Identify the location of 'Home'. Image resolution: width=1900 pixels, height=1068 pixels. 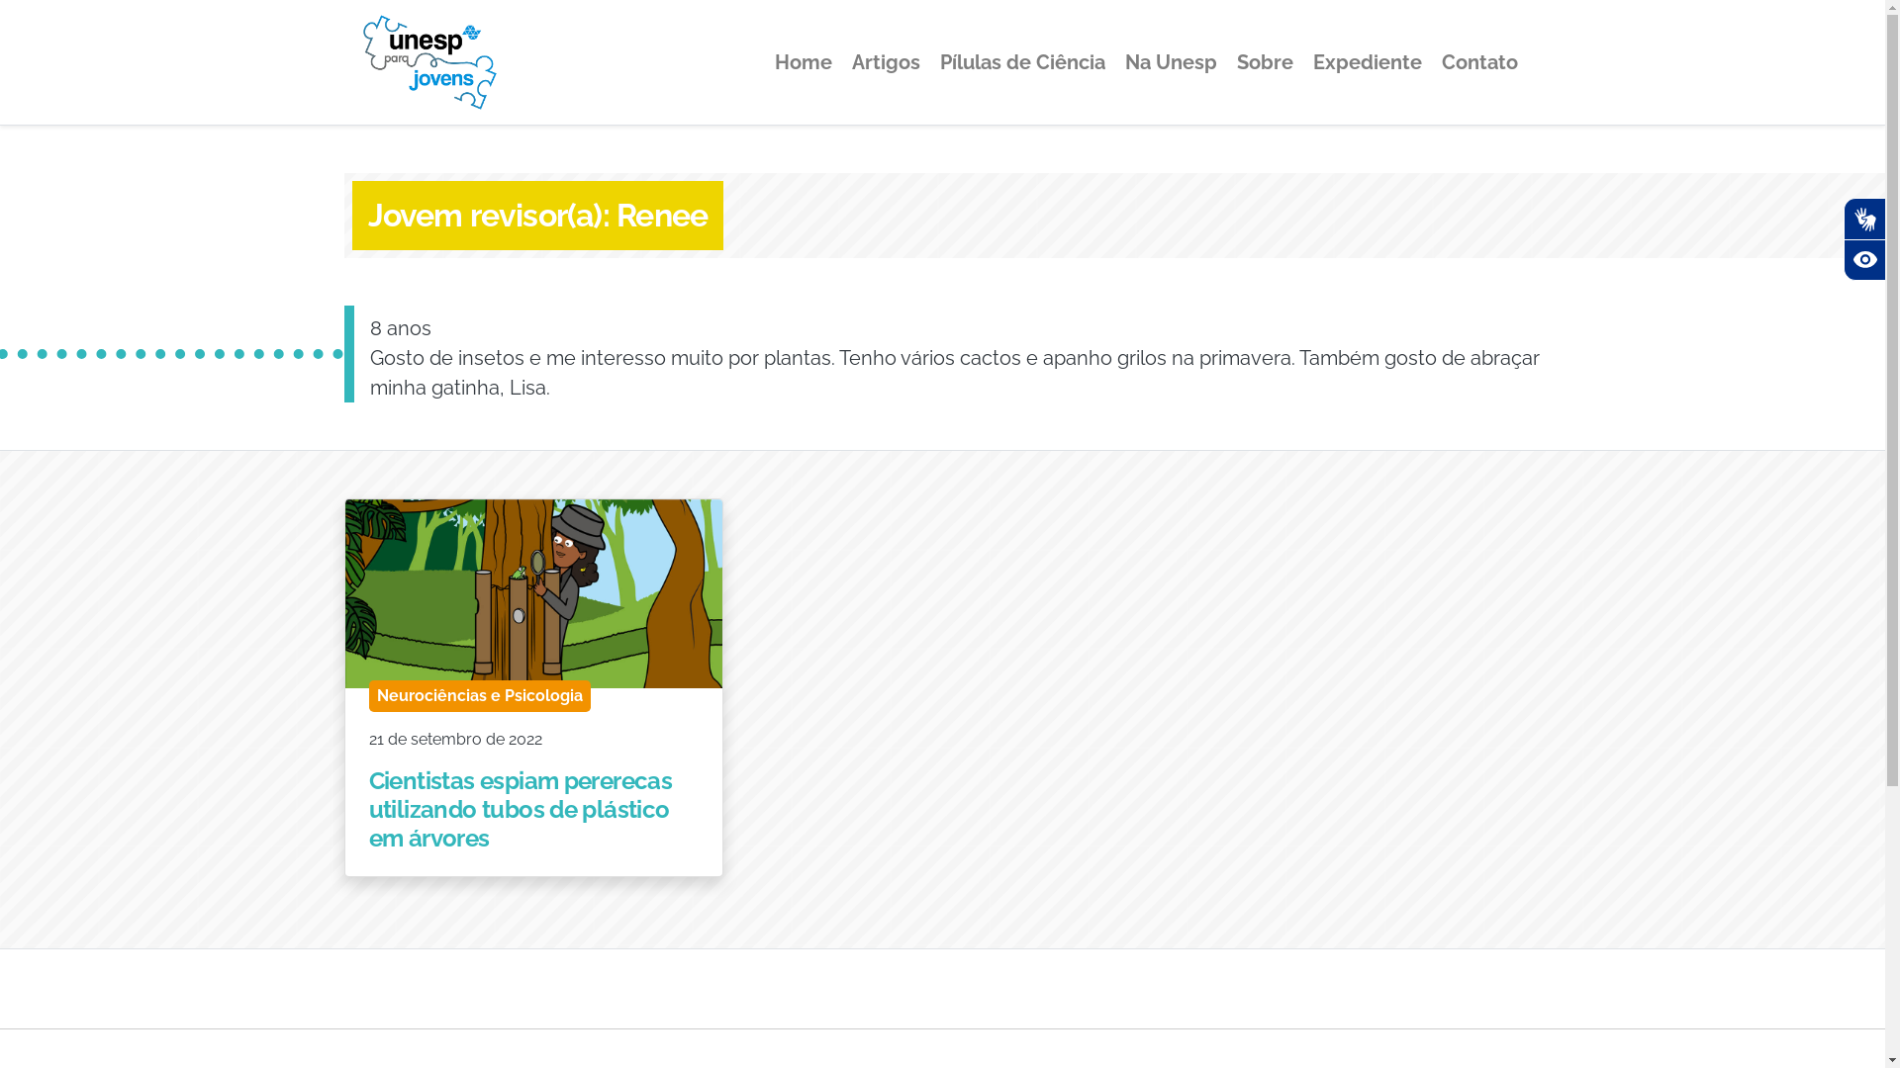
(764, 60).